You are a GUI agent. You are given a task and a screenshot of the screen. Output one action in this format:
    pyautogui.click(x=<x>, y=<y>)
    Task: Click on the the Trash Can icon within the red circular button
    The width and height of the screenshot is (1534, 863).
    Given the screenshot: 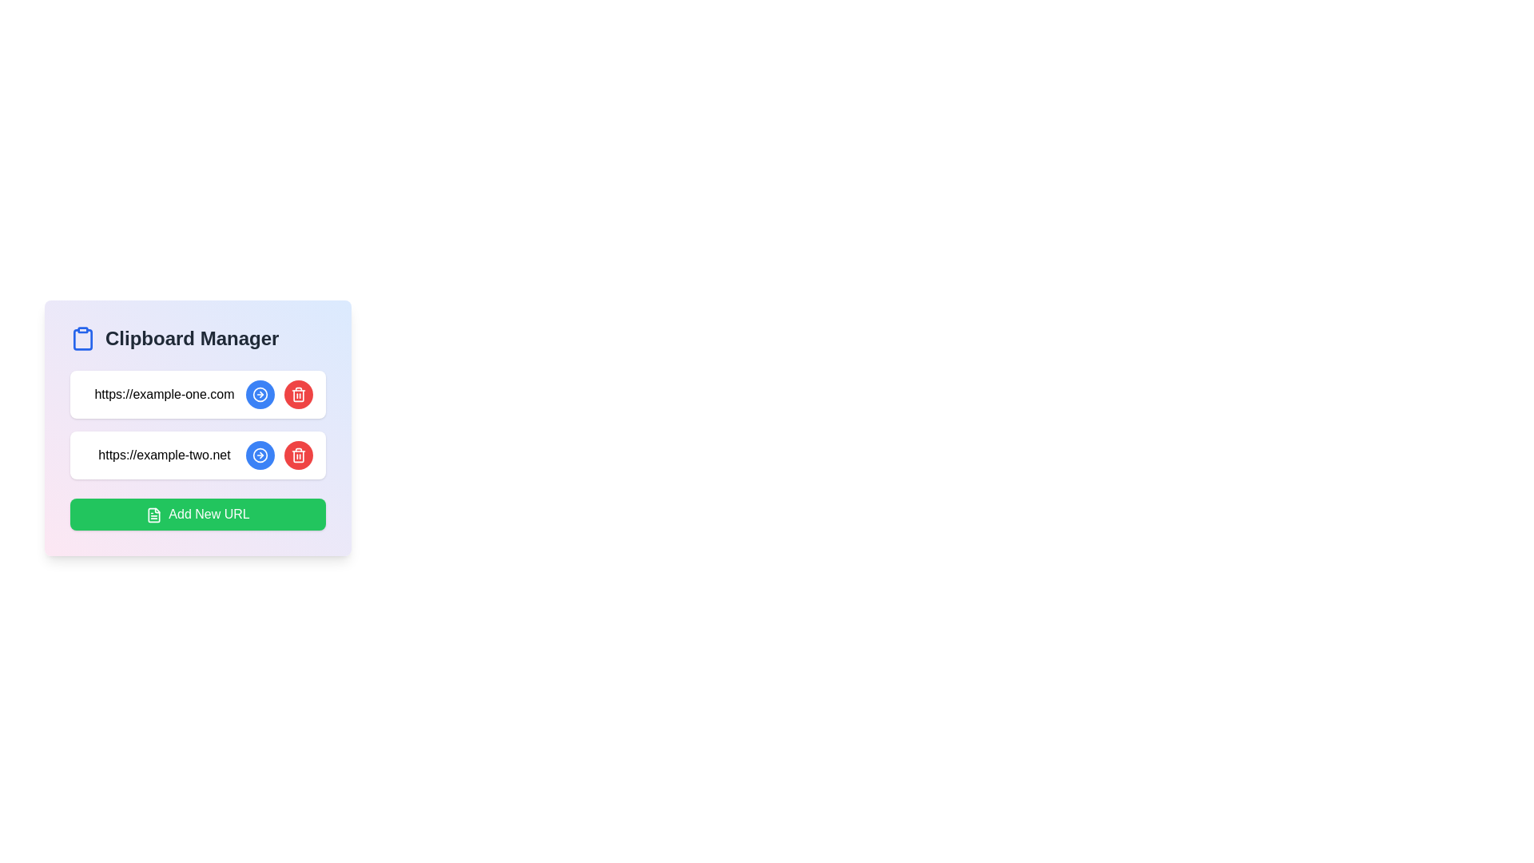 What is the action you would take?
    pyautogui.click(x=299, y=455)
    